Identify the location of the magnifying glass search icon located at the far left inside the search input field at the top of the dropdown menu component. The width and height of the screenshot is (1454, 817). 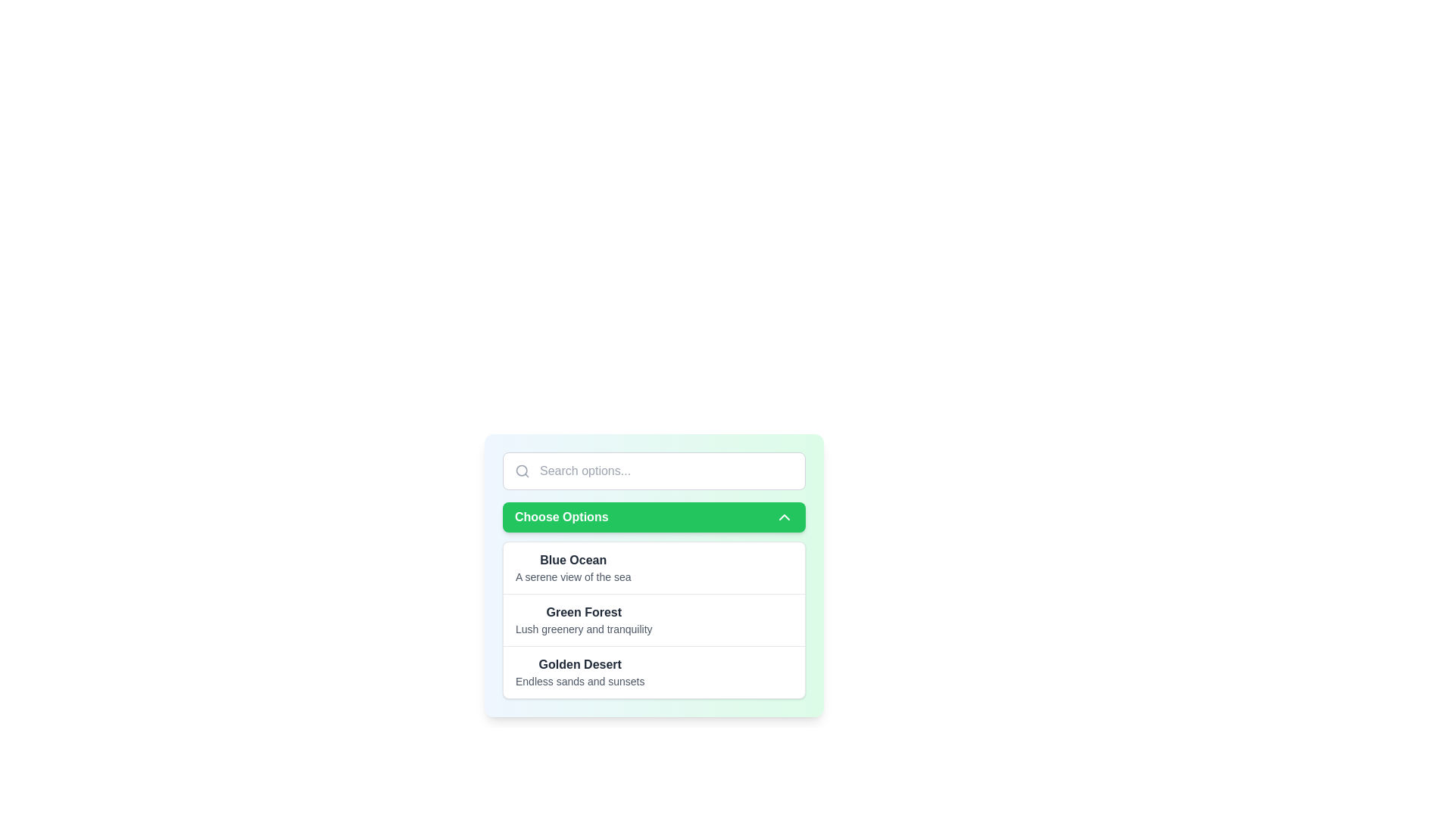
(523, 471).